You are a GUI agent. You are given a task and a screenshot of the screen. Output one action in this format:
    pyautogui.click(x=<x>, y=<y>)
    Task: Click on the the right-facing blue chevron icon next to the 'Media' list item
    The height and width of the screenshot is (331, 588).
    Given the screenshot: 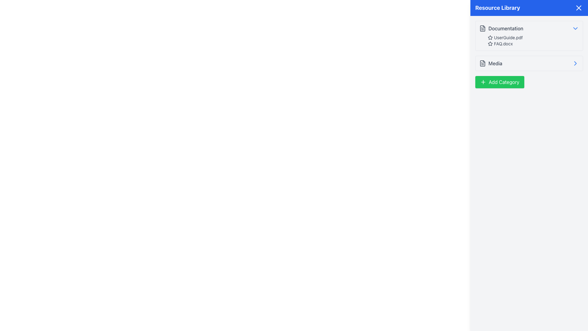 What is the action you would take?
    pyautogui.click(x=575, y=63)
    